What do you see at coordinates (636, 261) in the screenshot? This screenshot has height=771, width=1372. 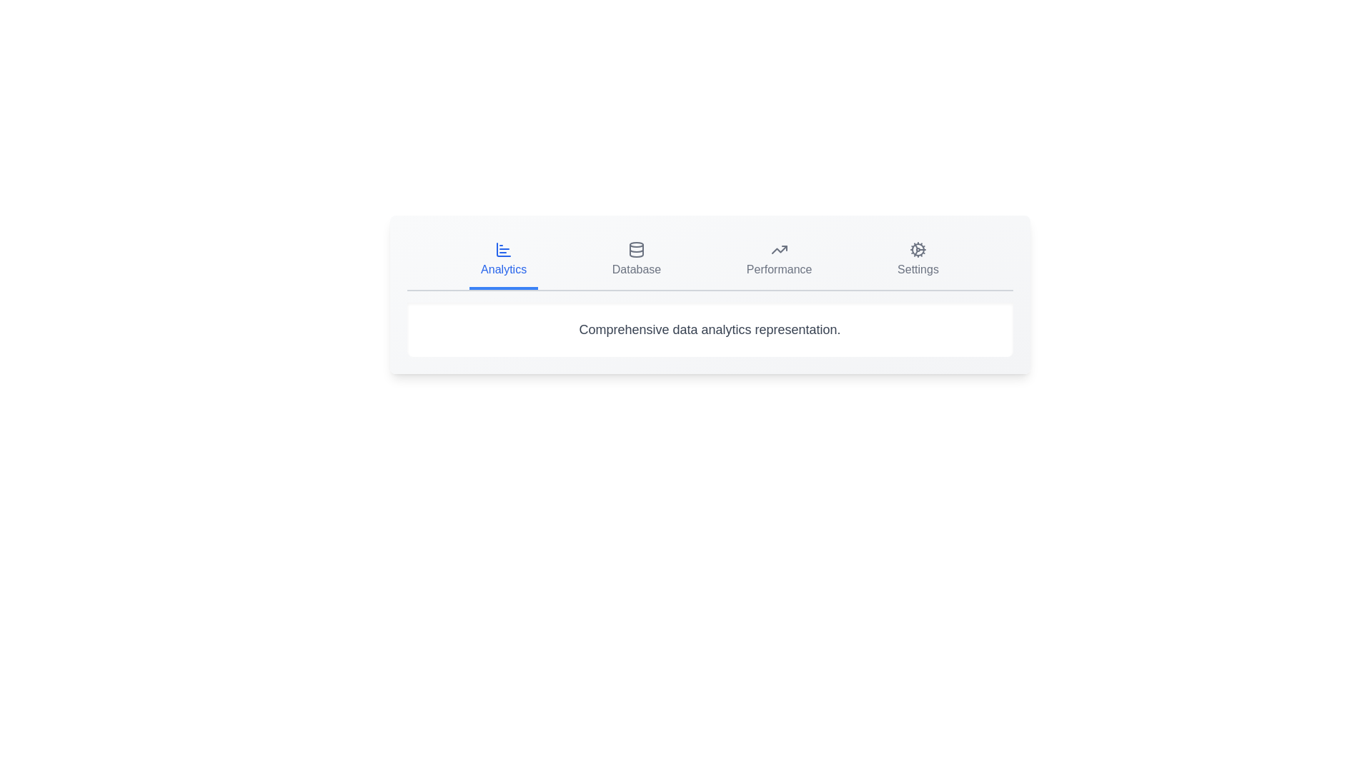 I see `the tab with the title Database by clicking on it` at bounding box center [636, 261].